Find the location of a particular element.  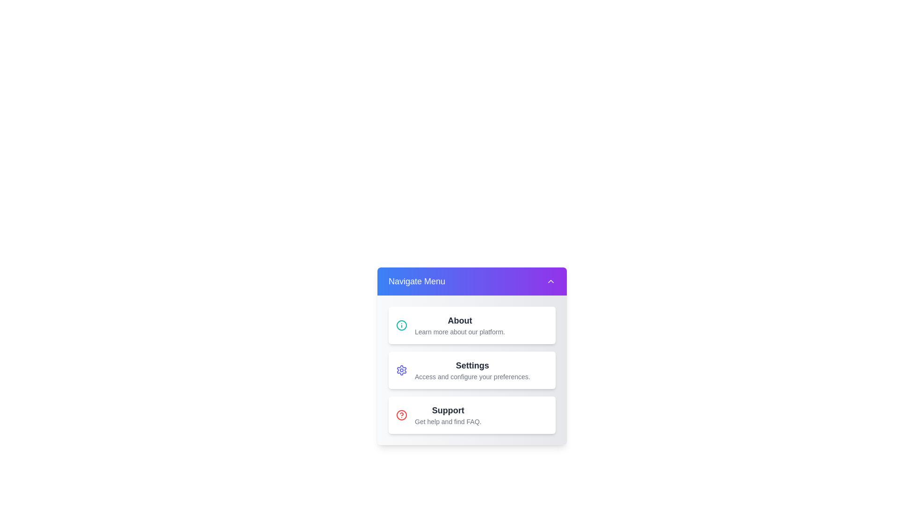

the icon of the menu item labeled 'Settings' to inspect it is located at coordinates (402, 369).